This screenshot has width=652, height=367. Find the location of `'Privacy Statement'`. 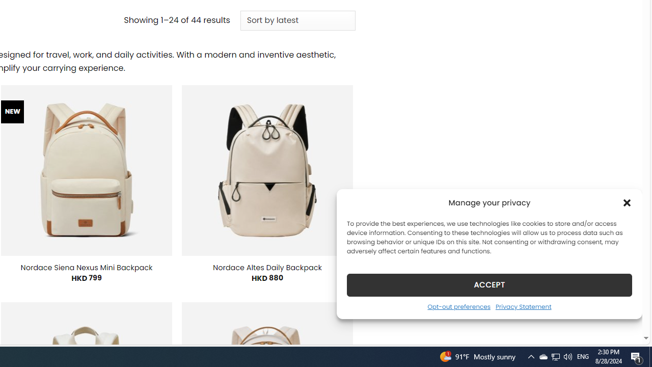

'Privacy Statement' is located at coordinates (523, 306).